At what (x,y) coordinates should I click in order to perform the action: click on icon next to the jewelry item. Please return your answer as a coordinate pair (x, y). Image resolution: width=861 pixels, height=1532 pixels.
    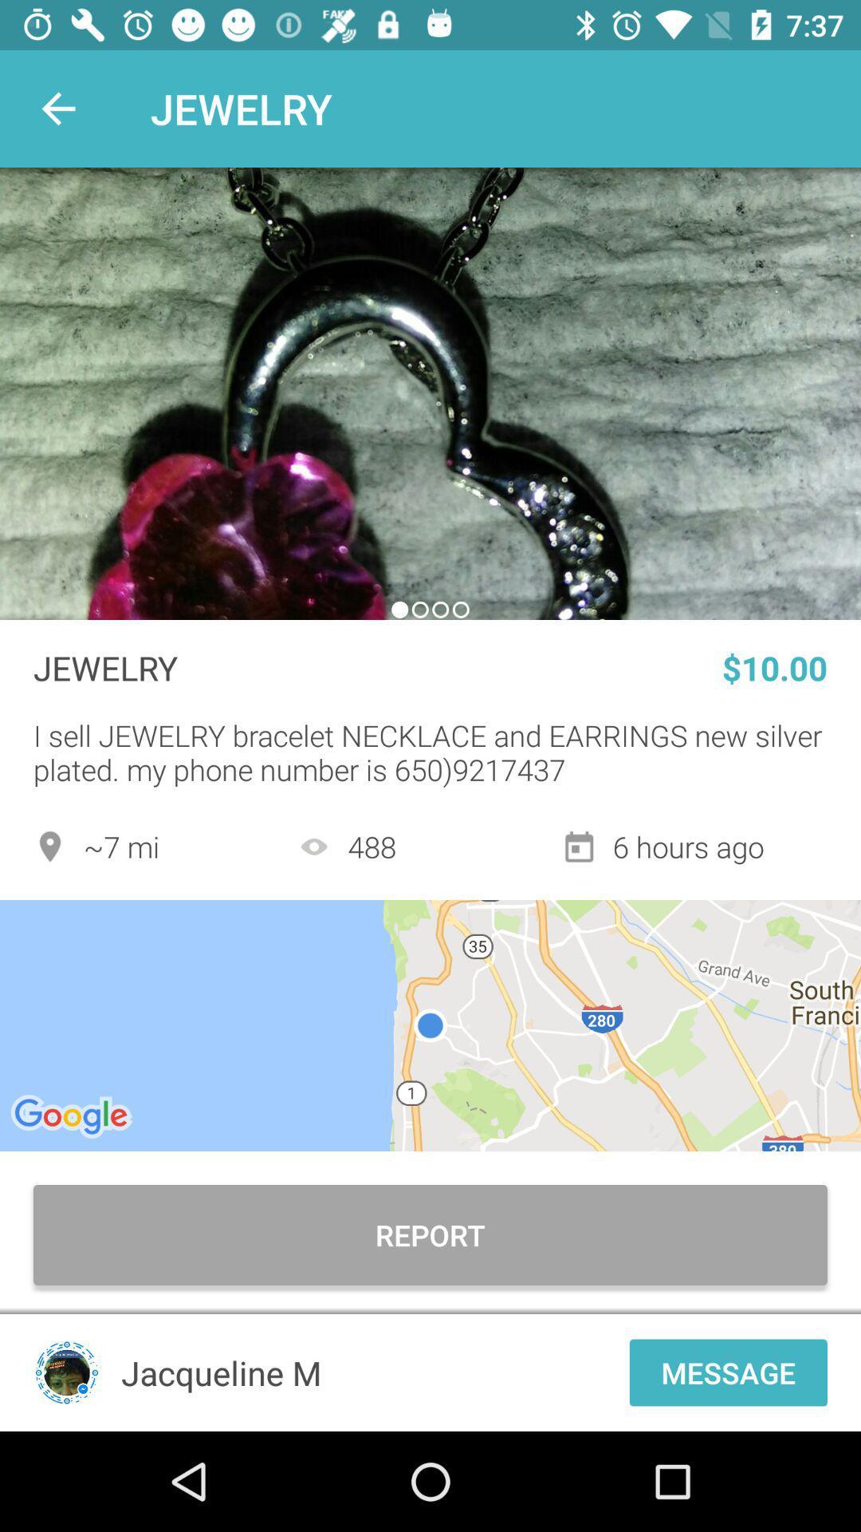
    Looking at the image, I should click on (57, 108).